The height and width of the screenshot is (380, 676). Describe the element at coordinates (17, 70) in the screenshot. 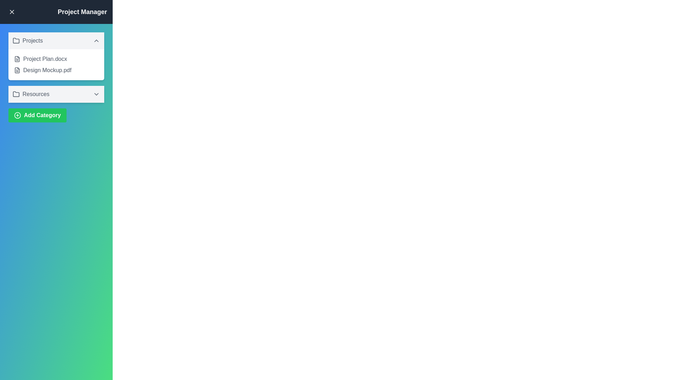

I see `the small file document icon with textual elements located to the left of 'Design Mockup.pdf' in the 'Projects' section` at that location.